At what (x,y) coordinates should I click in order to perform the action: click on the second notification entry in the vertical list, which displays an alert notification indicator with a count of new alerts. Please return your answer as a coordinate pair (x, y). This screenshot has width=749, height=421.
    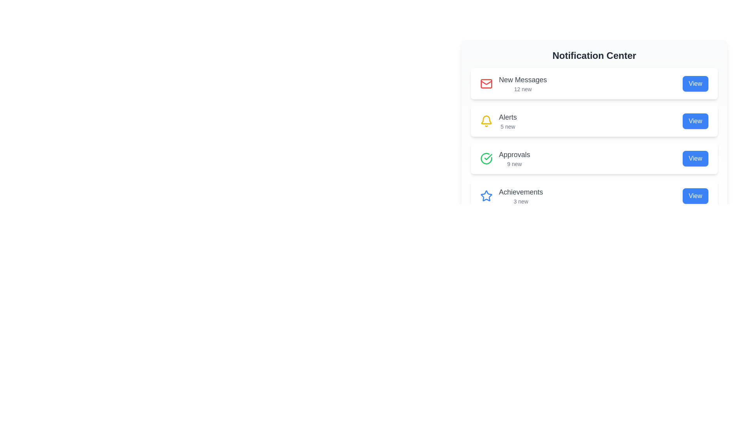
    Looking at the image, I should click on (498, 121).